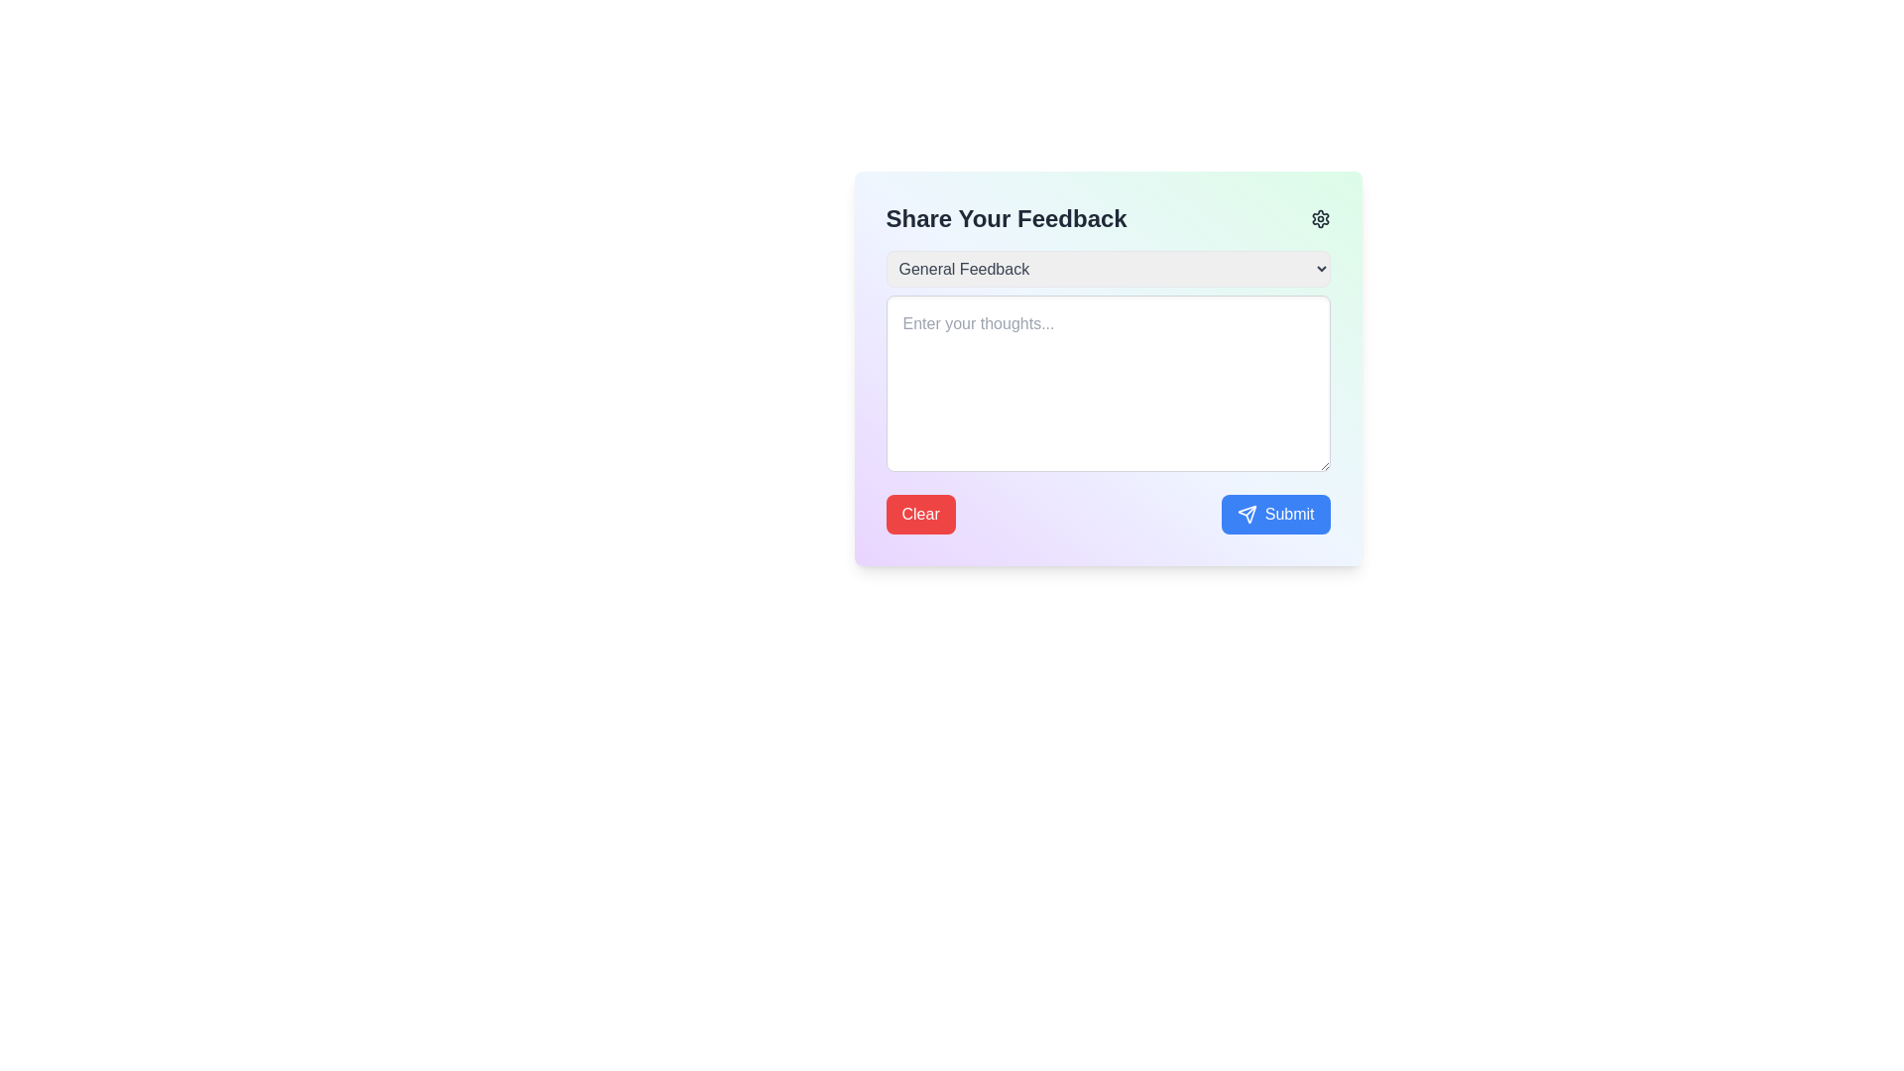 The width and height of the screenshot is (1904, 1071). I want to click on the blue rounded-corner button labeled 'Submit', so click(1275, 514).